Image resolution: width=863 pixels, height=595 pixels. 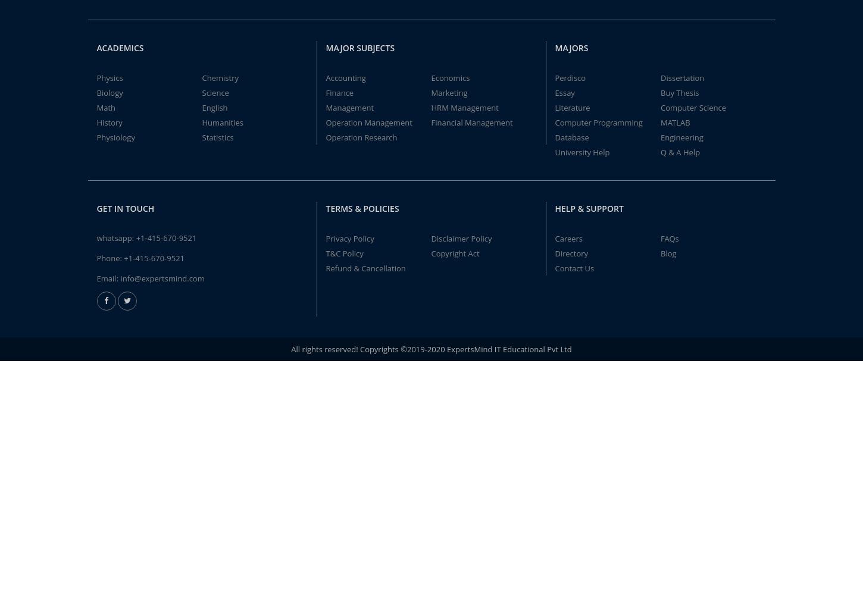 I want to click on 'Get In Touch', so click(x=95, y=207).